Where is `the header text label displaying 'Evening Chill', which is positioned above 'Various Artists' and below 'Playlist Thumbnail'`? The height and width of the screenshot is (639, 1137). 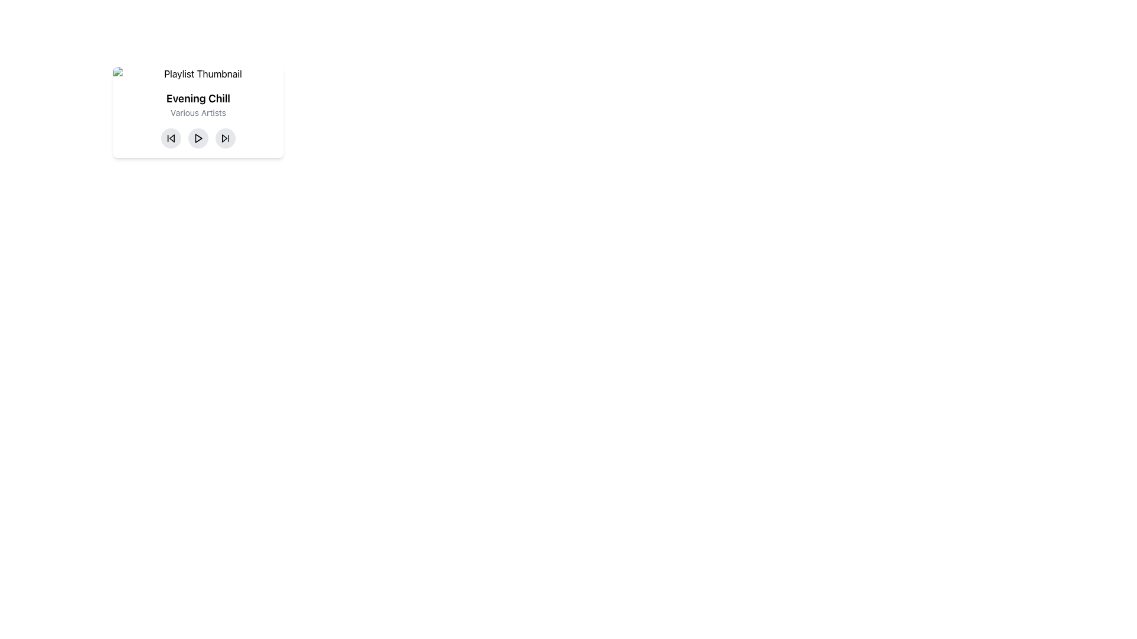
the header text label displaying 'Evening Chill', which is positioned above 'Various Artists' and below 'Playlist Thumbnail' is located at coordinates (198, 98).